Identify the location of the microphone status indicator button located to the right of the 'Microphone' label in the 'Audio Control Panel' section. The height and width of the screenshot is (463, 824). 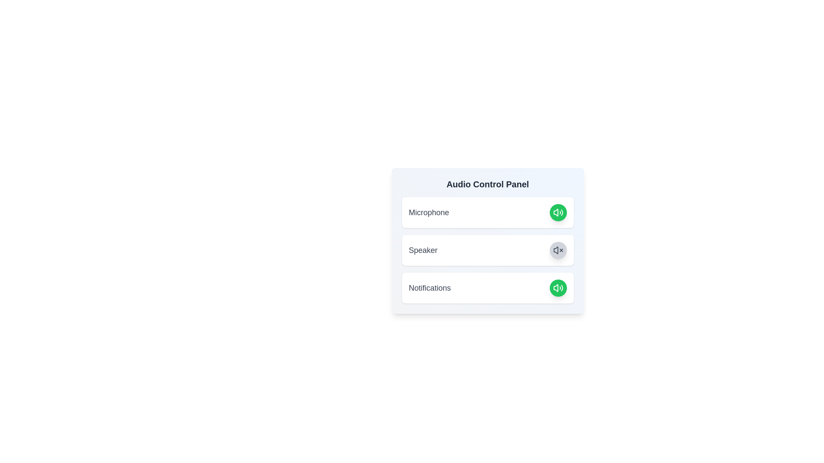
(558, 212).